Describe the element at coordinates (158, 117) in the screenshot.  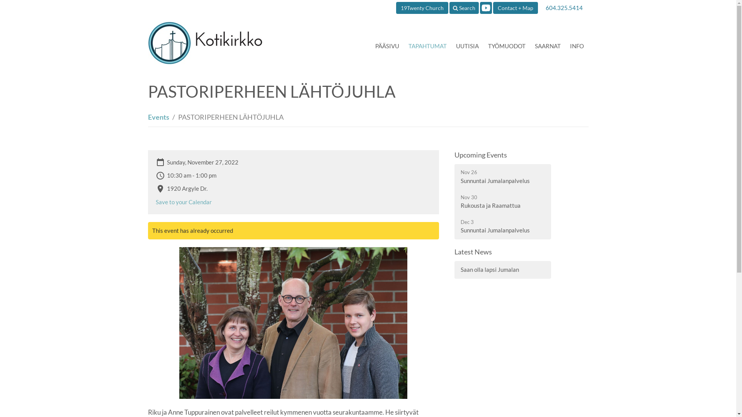
I see `'Events'` at that location.